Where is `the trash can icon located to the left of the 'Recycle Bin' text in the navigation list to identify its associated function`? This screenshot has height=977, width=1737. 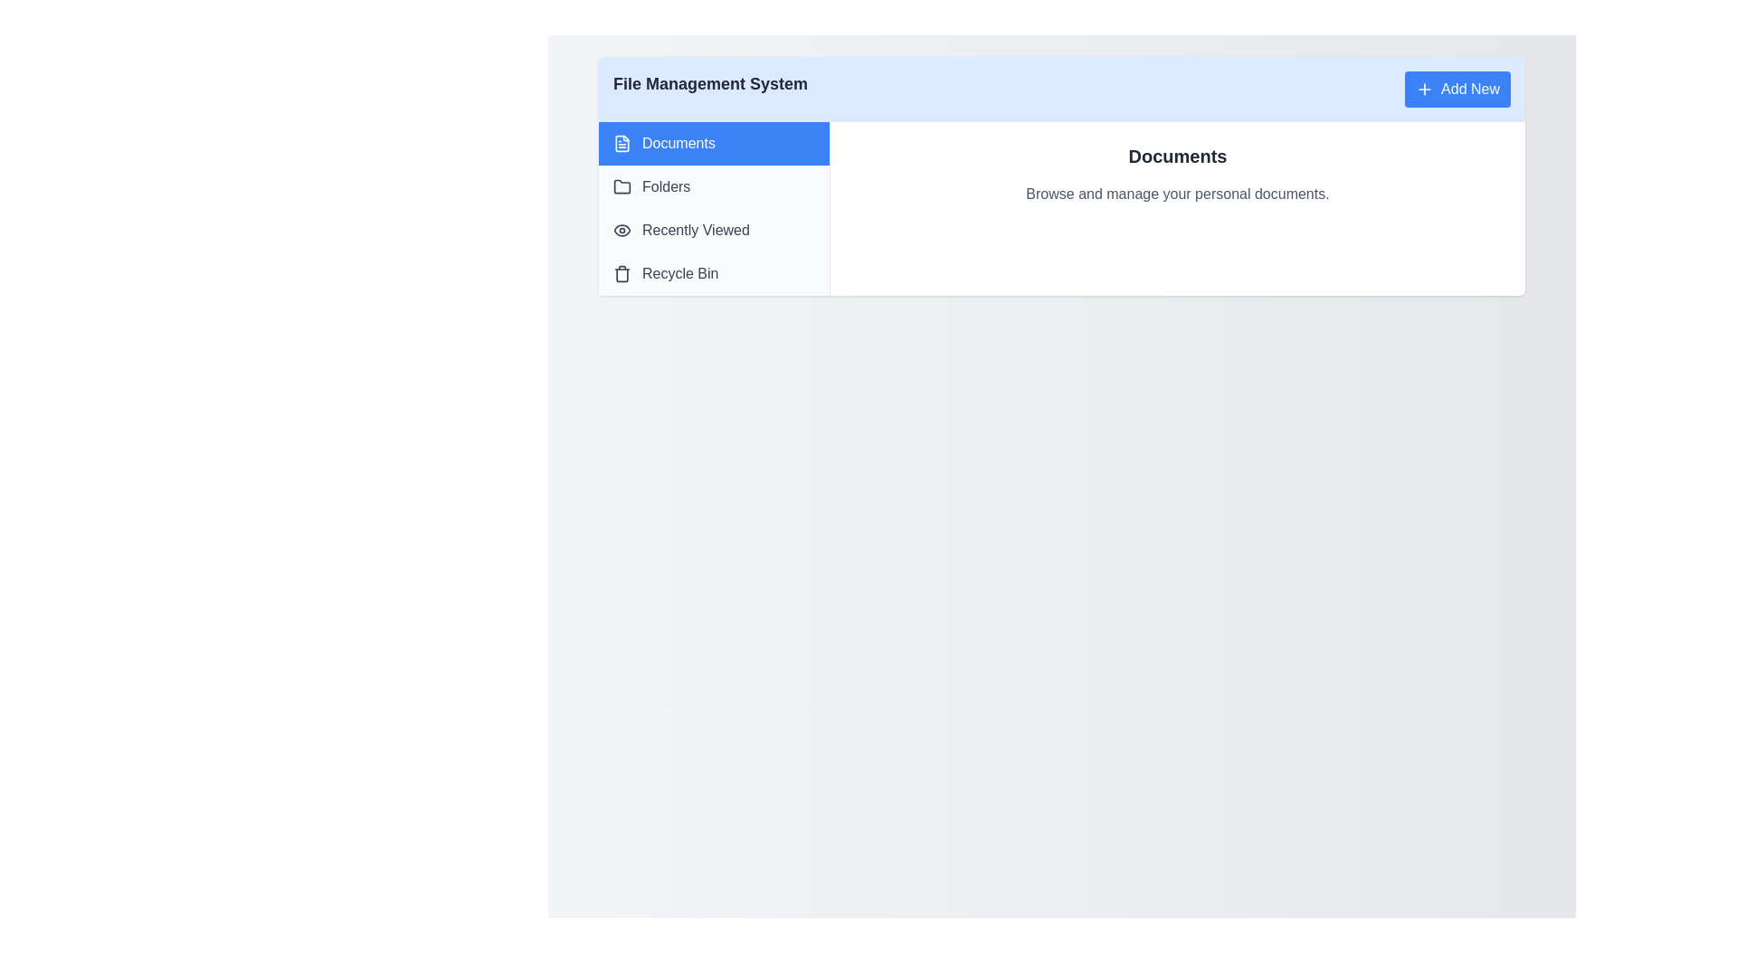
the trash can icon located to the left of the 'Recycle Bin' text in the navigation list to identify its associated function is located at coordinates (622, 274).